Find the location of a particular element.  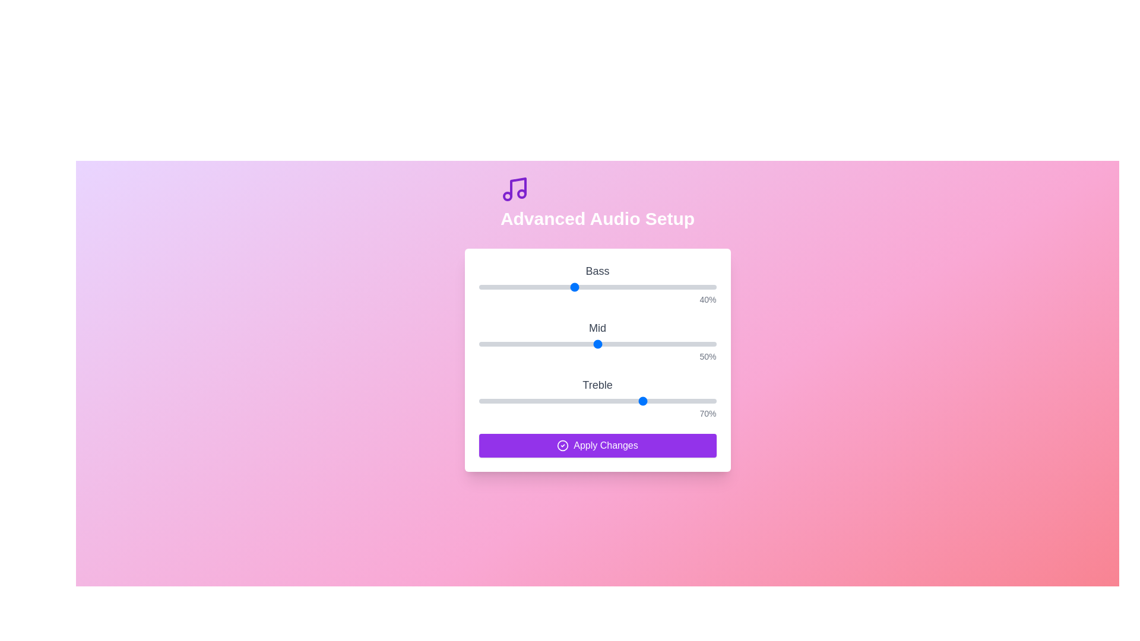

the 1 slider to 16% is located at coordinates (517, 344).